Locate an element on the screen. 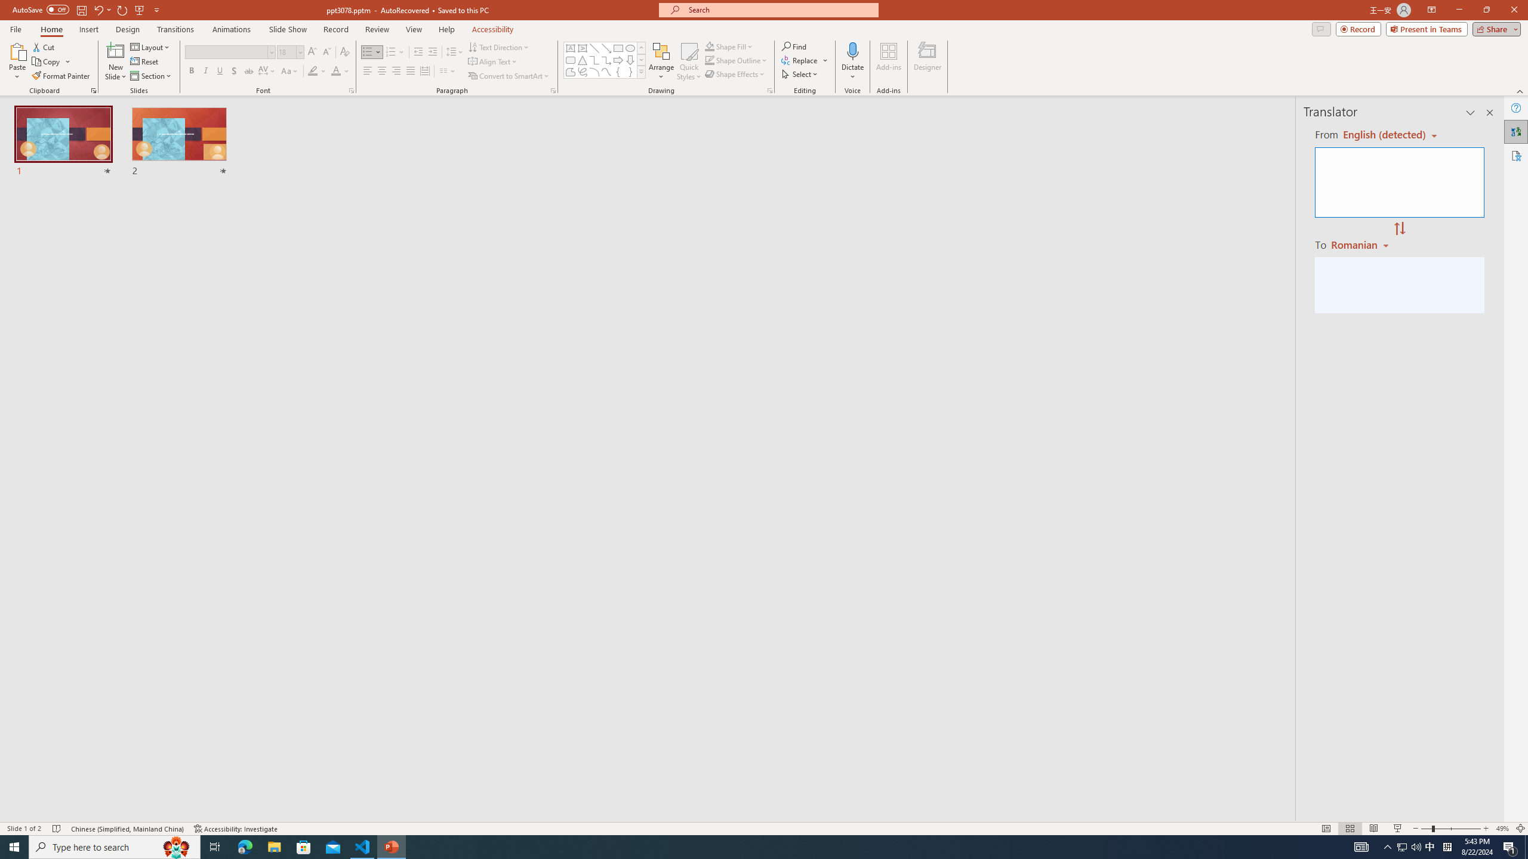 This screenshot has width=1528, height=859. 'Zoom 49%' is located at coordinates (1502, 829).